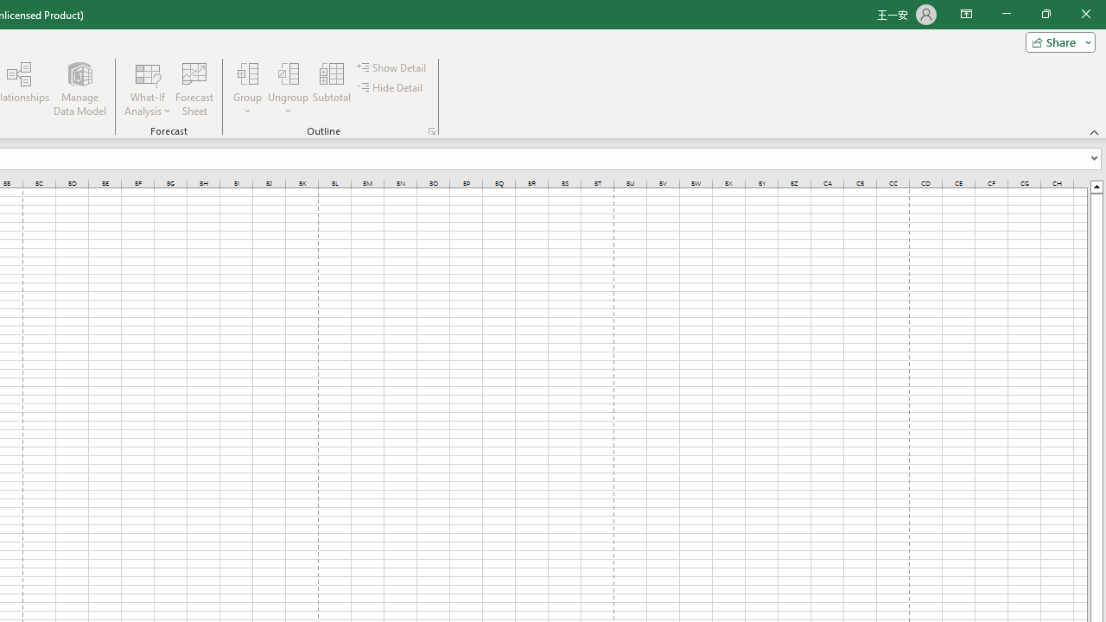 This screenshot has width=1106, height=622. What do you see at coordinates (247, 89) in the screenshot?
I see `'Group...'` at bounding box center [247, 89].